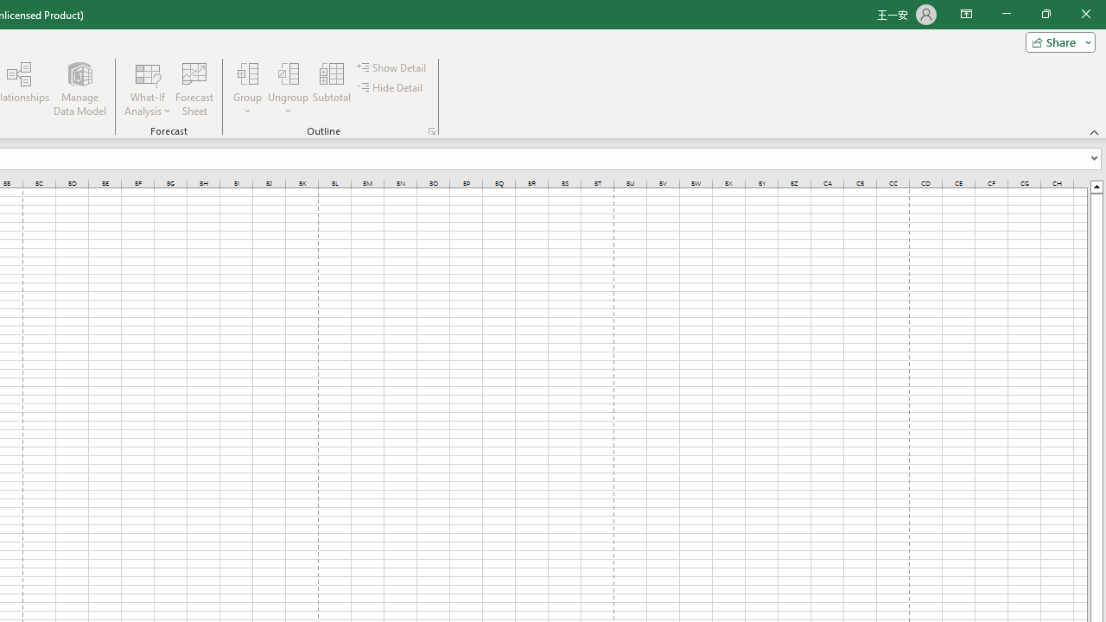 This screenshot has width=1106, height=622. What do you see at coordinates (247, 89) in the screenshot?
I see `'Group...'` at bounding box center [247, 89].